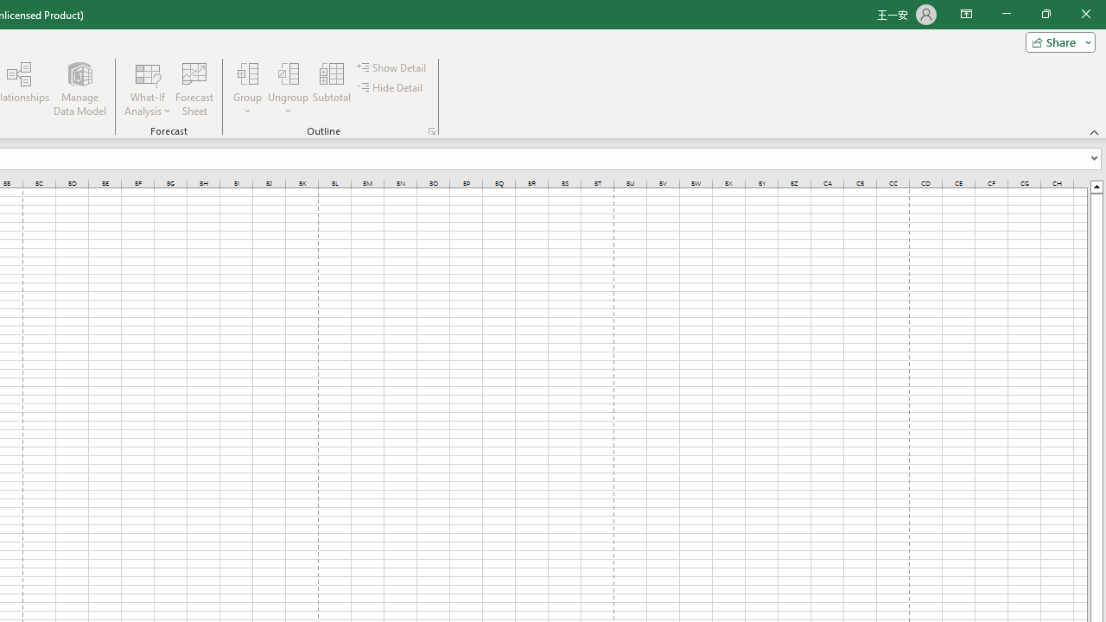 This screenshot has width=1106, height=622. What do you see at coordinates (247, 89) in the screenshot?
I see `'Group...'` at bounding box center [247, 89].